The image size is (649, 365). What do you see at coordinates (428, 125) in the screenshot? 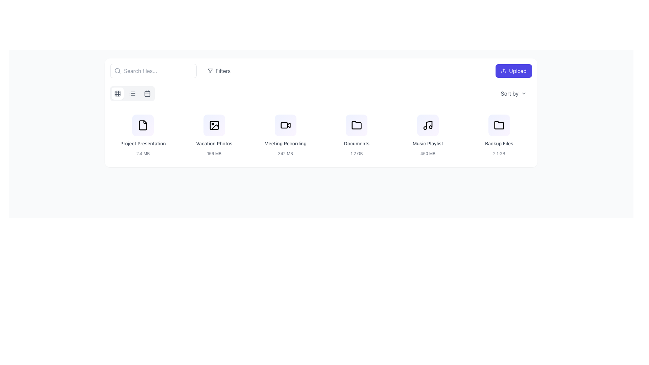
I see `the 'Music Playlist' icon` at bounding box center [428, 125].